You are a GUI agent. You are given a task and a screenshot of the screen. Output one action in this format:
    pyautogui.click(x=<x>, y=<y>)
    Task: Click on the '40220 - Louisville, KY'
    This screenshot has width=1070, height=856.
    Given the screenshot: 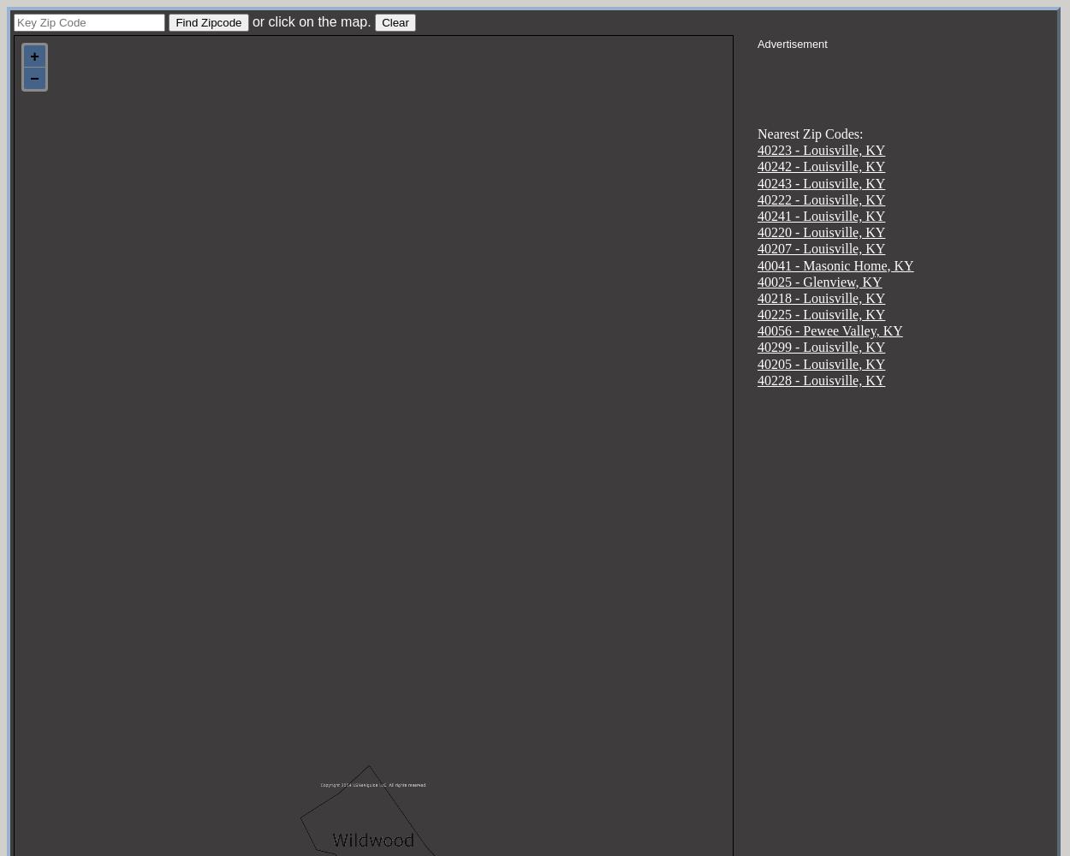 What is the action you would take?
    pyautogui.click(x=820, y=232)
    